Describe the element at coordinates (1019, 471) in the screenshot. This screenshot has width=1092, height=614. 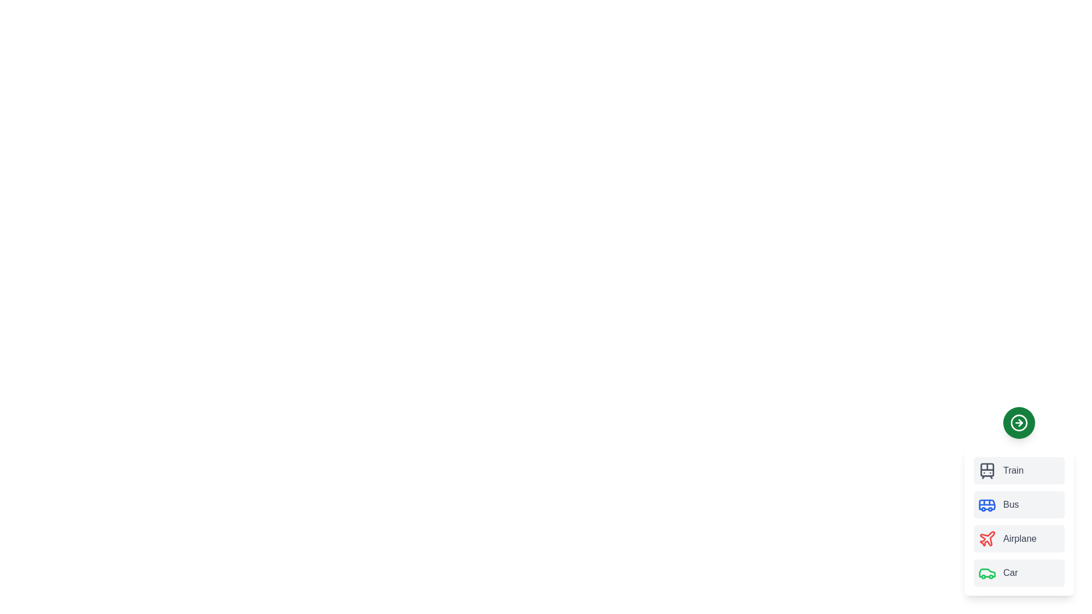
I see `the transport mode Train to trigger its hover effect` at that location.